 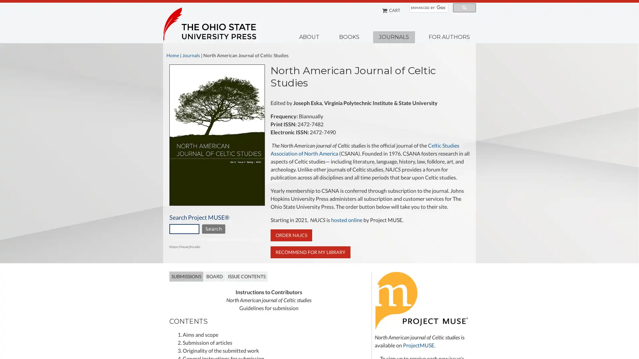 What do you see at coordinates (214, 229) in the screenshot?
I see `Search` at bounding box center [214, 229].